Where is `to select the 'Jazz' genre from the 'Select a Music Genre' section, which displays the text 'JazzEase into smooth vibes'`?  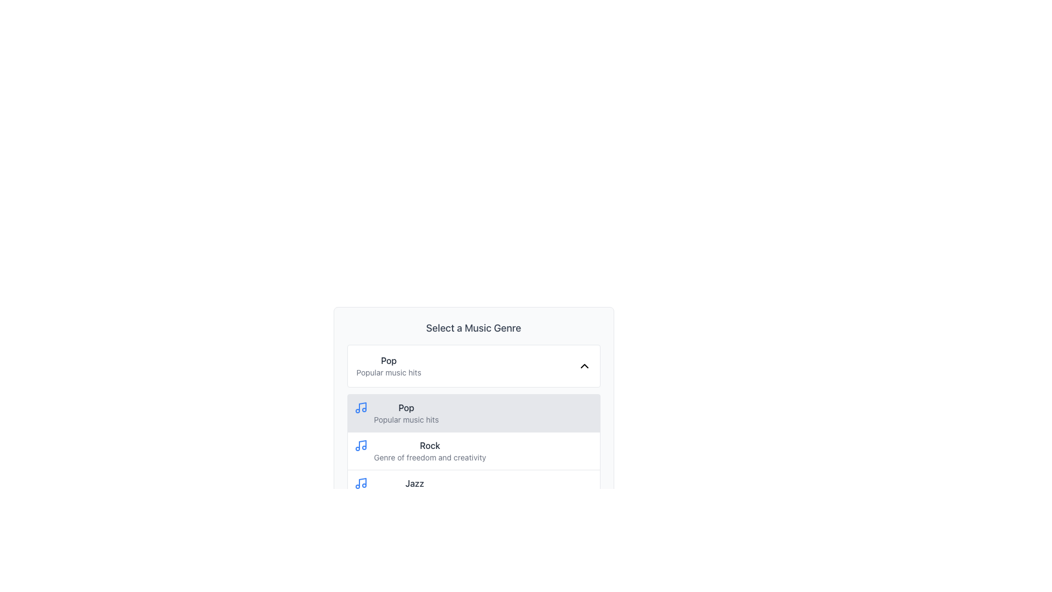 to select the 'Jazz' genre from the 'Select a Music Genre' section, which displays the text 'JazzEase into smooth vibes' is located at coordinates (414, 488).